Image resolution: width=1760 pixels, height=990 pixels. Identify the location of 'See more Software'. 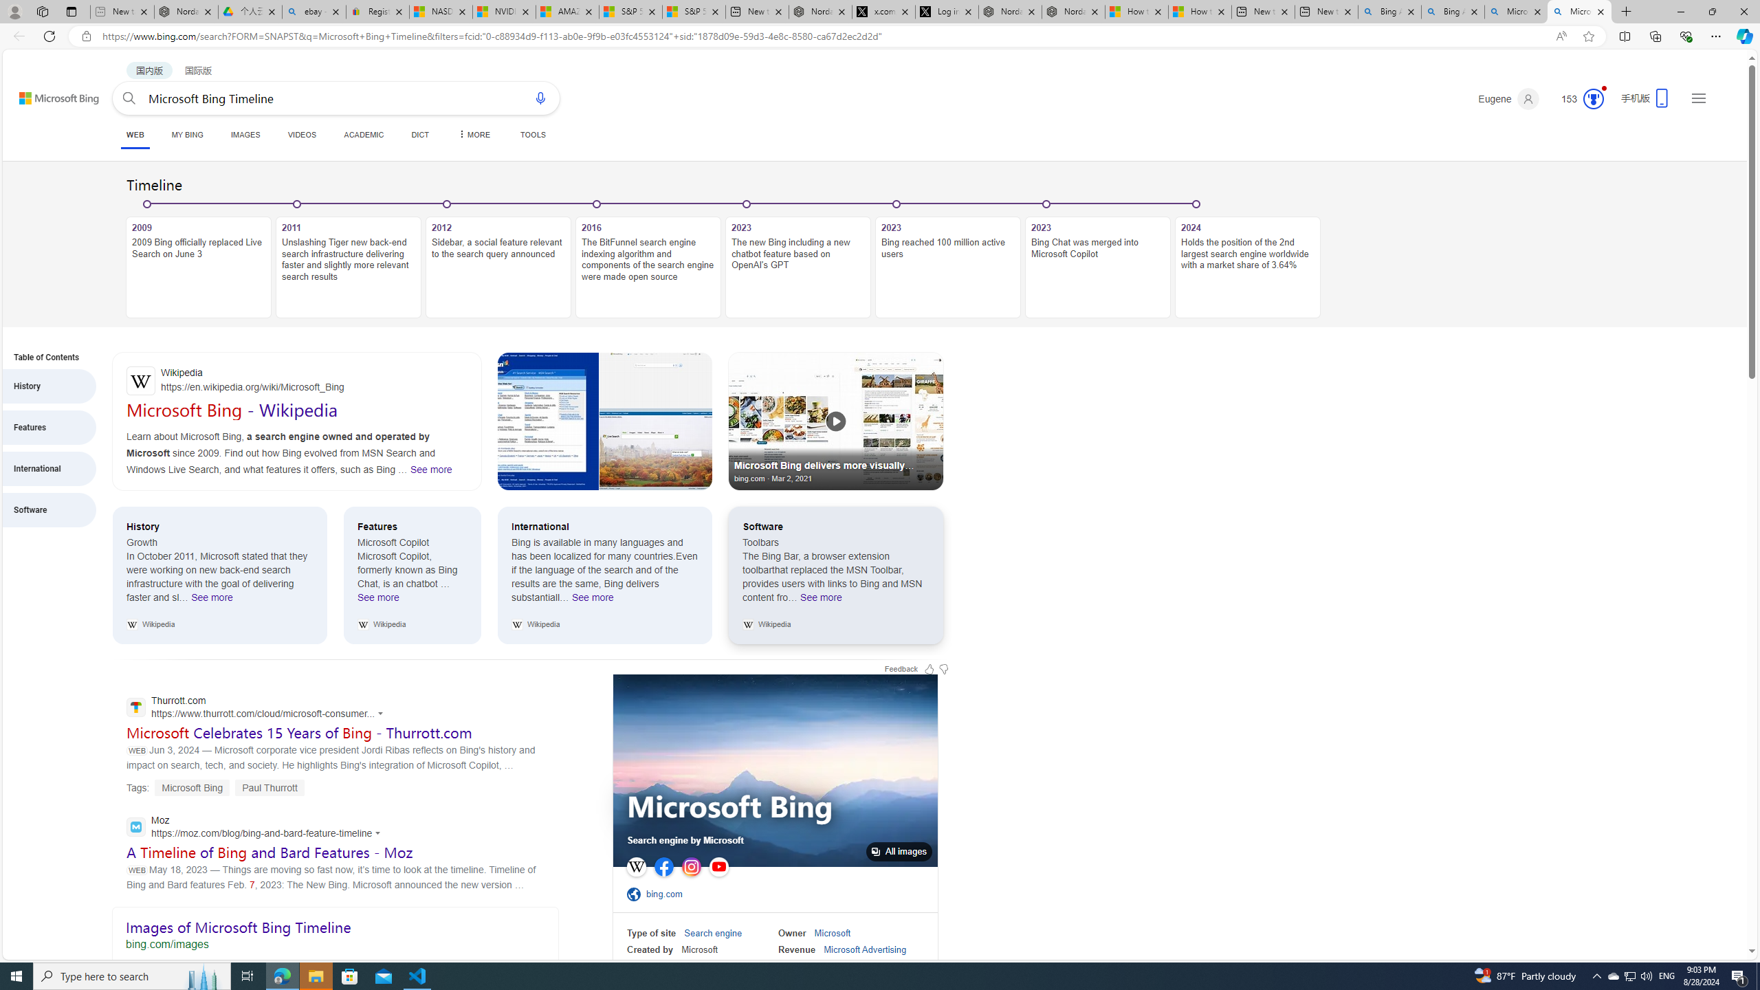
(821, 600).